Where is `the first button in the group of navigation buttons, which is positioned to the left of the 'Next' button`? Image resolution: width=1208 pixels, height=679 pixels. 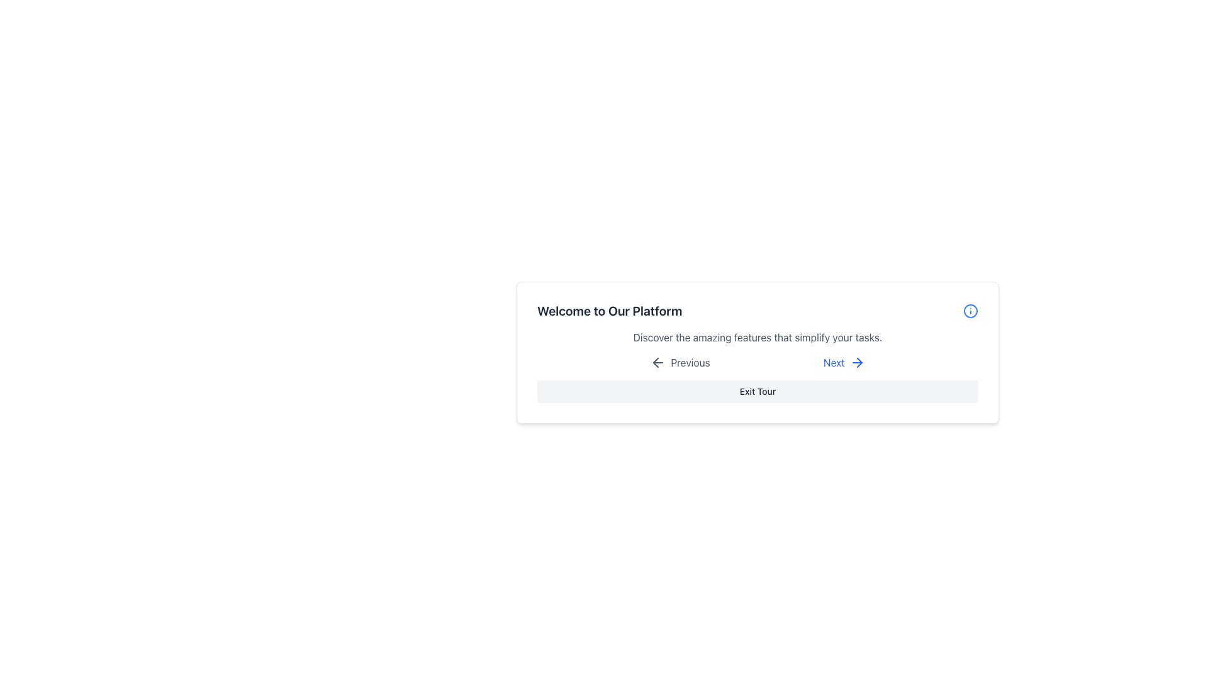 the first button in the group of navigation buttons, which is positioned to the left of the 'Next' button is located at coordinates (679, 363).